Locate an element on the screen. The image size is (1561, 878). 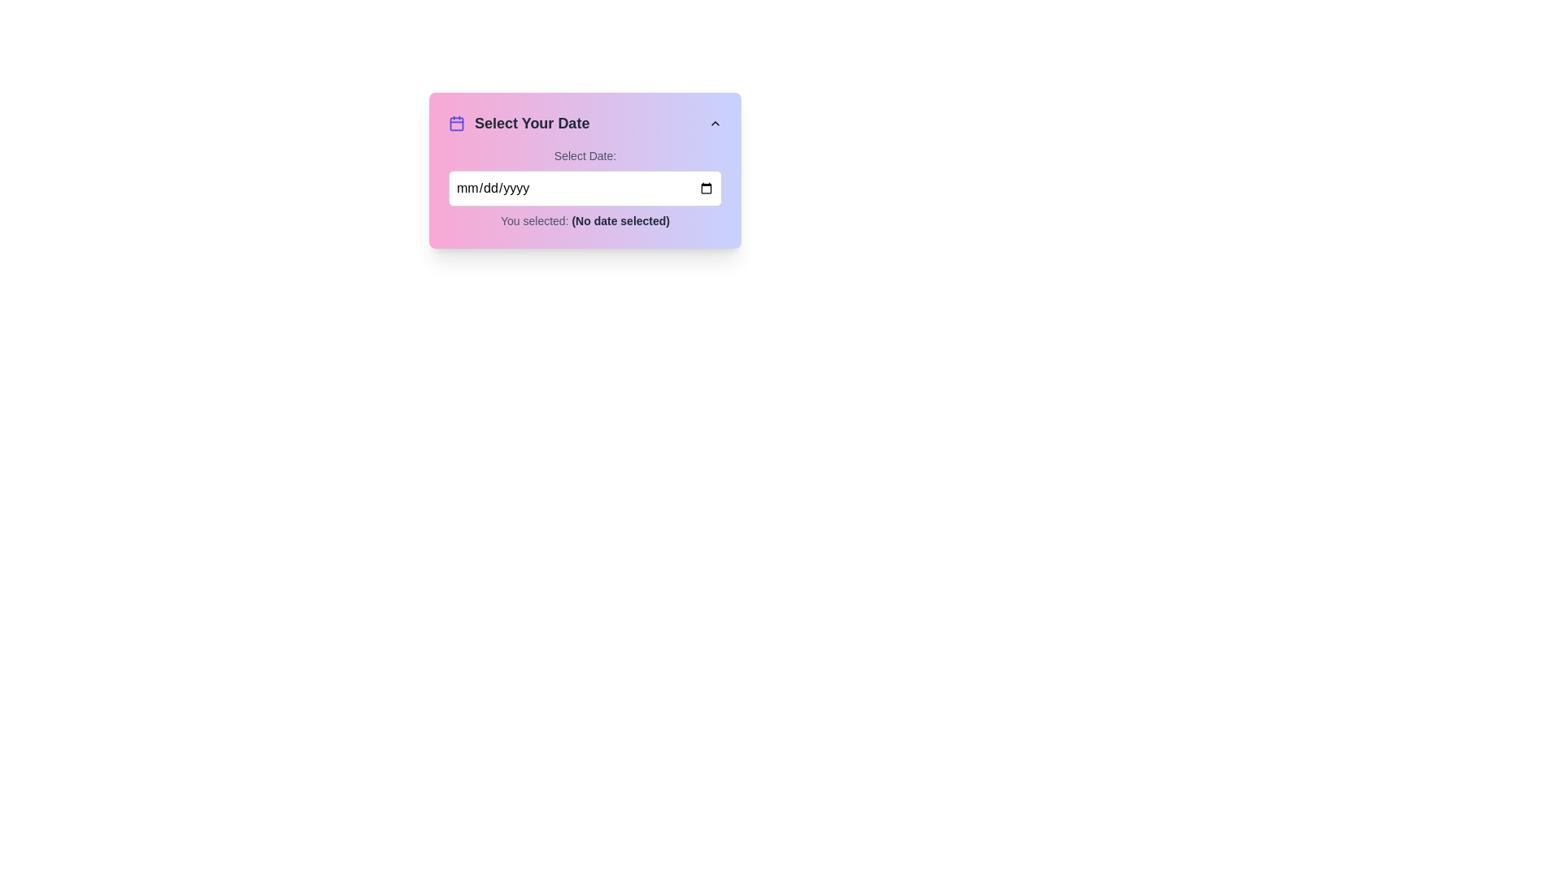
the 'Select Your Date' text label, which is styled with a bold font and accompanied by a calendar icon, located at the top left of the form-like section is located at coordinates (518, 122).